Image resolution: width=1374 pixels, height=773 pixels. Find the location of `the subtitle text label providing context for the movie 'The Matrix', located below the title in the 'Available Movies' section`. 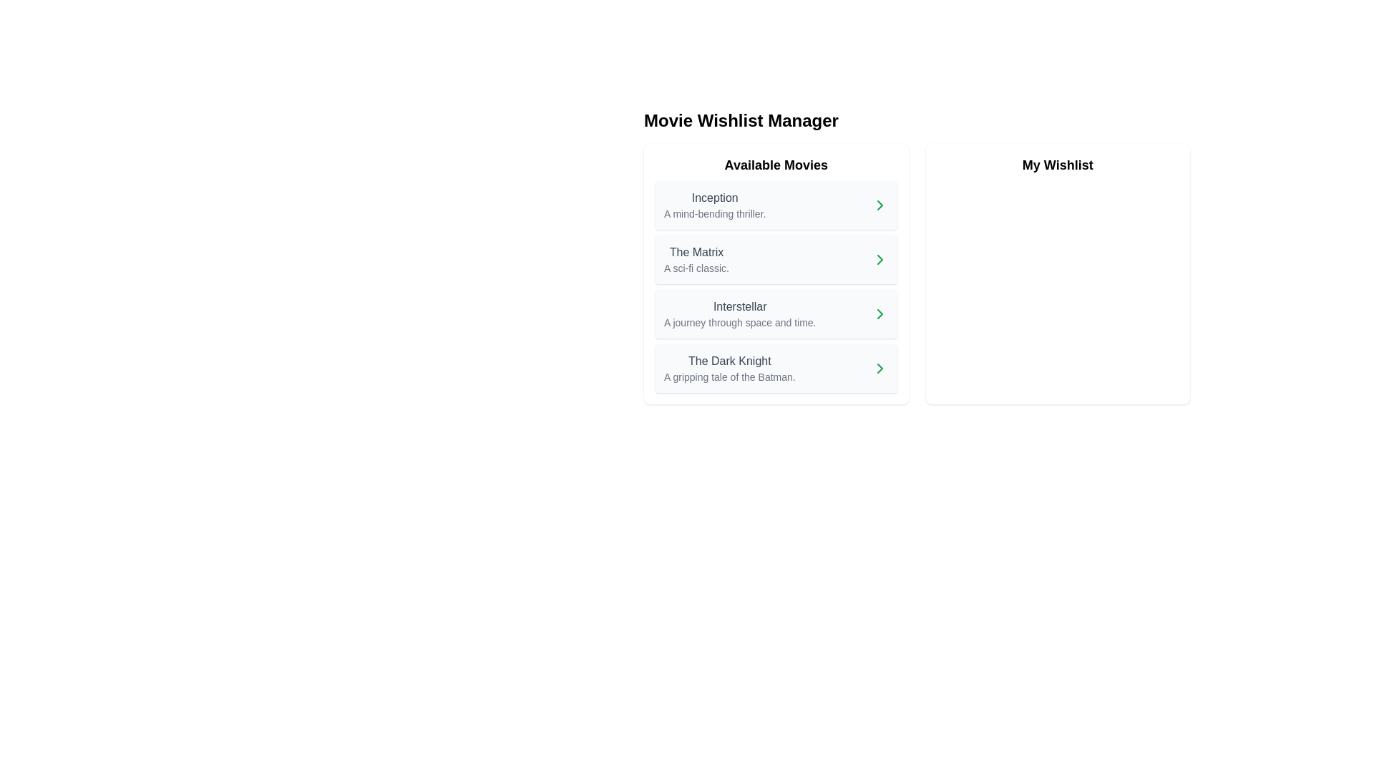

the subtitle text label providing context for the movie 'The Matrix', located below the title in the 'Available Movies' section is located at coordinates (696, 268).